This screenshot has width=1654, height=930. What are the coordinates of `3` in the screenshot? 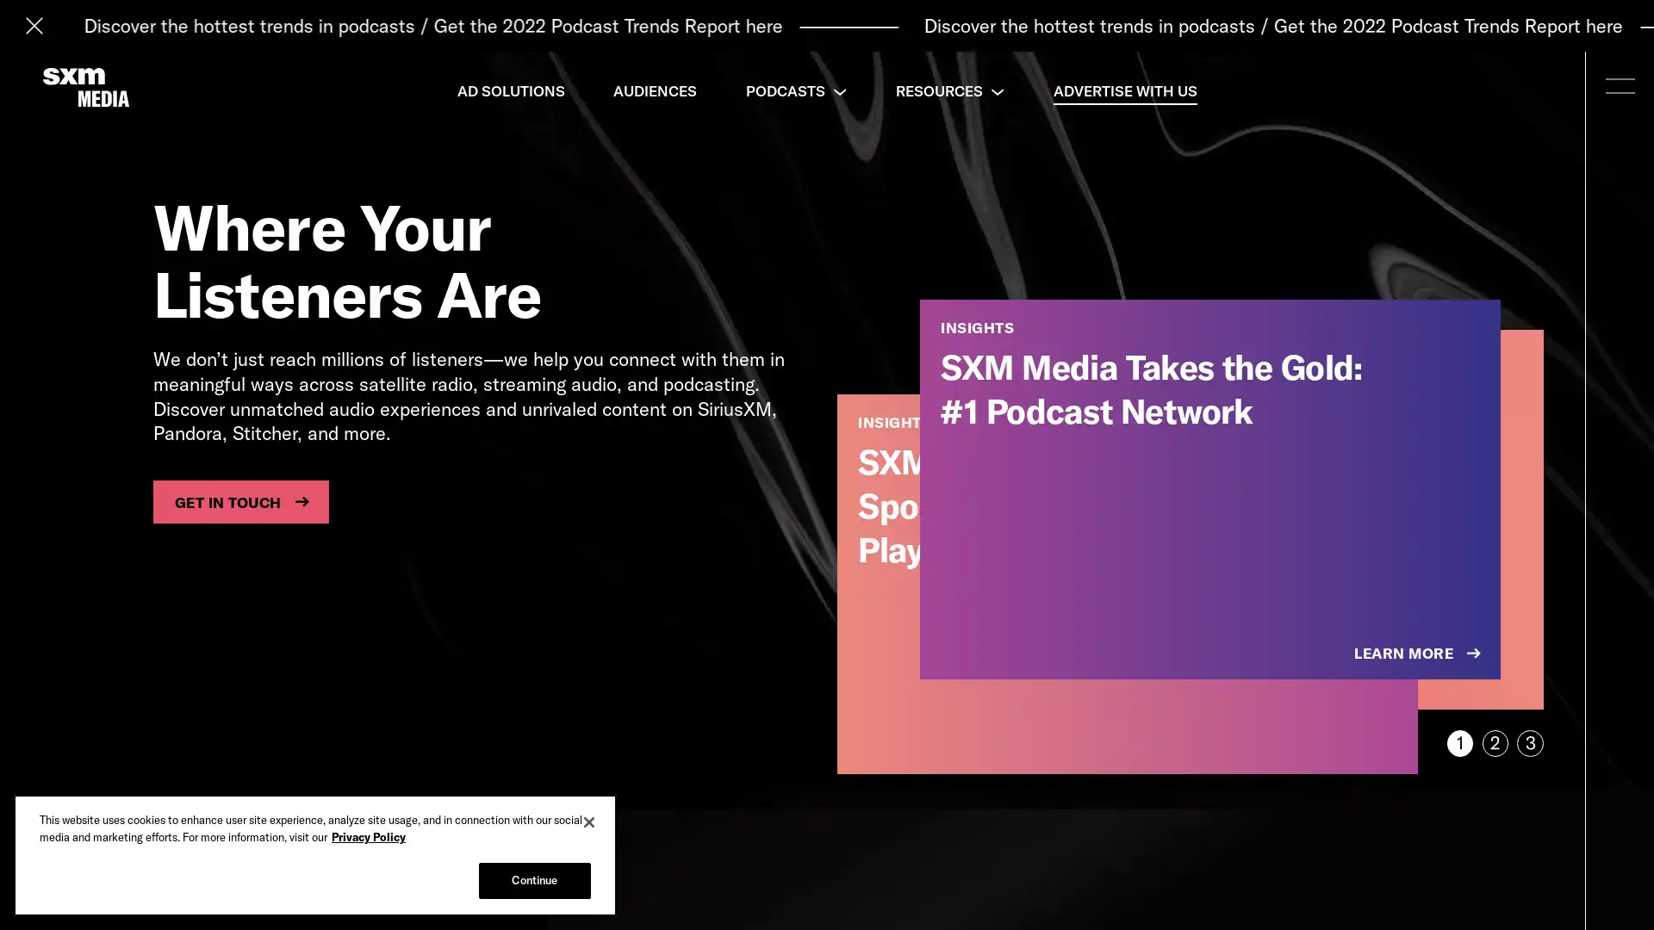 It's located at (1530, 742).